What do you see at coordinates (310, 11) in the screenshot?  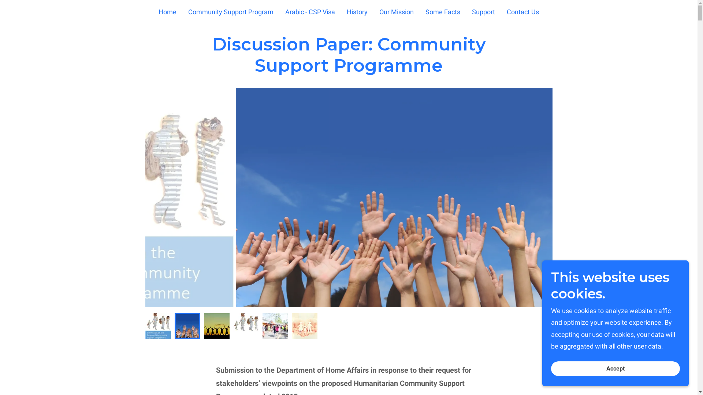 I see `'Arabic - CSP Visa'` at bounding box center [310, 11].